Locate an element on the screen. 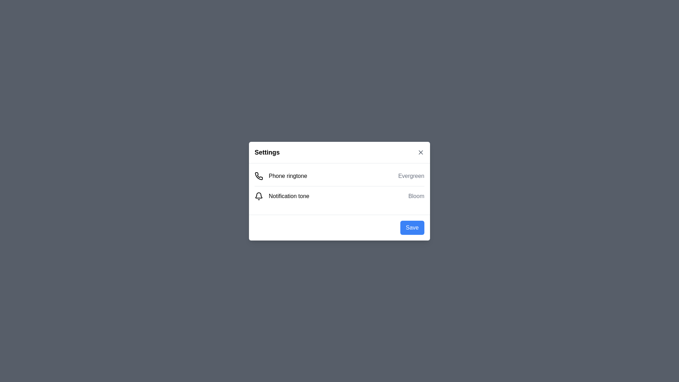 This screenshot has width=679, height=382. the text label reading 'Bloom' styled in gray font, located within the settings dialog under the option 'Notification tone' is located at coordinates (416, 196).